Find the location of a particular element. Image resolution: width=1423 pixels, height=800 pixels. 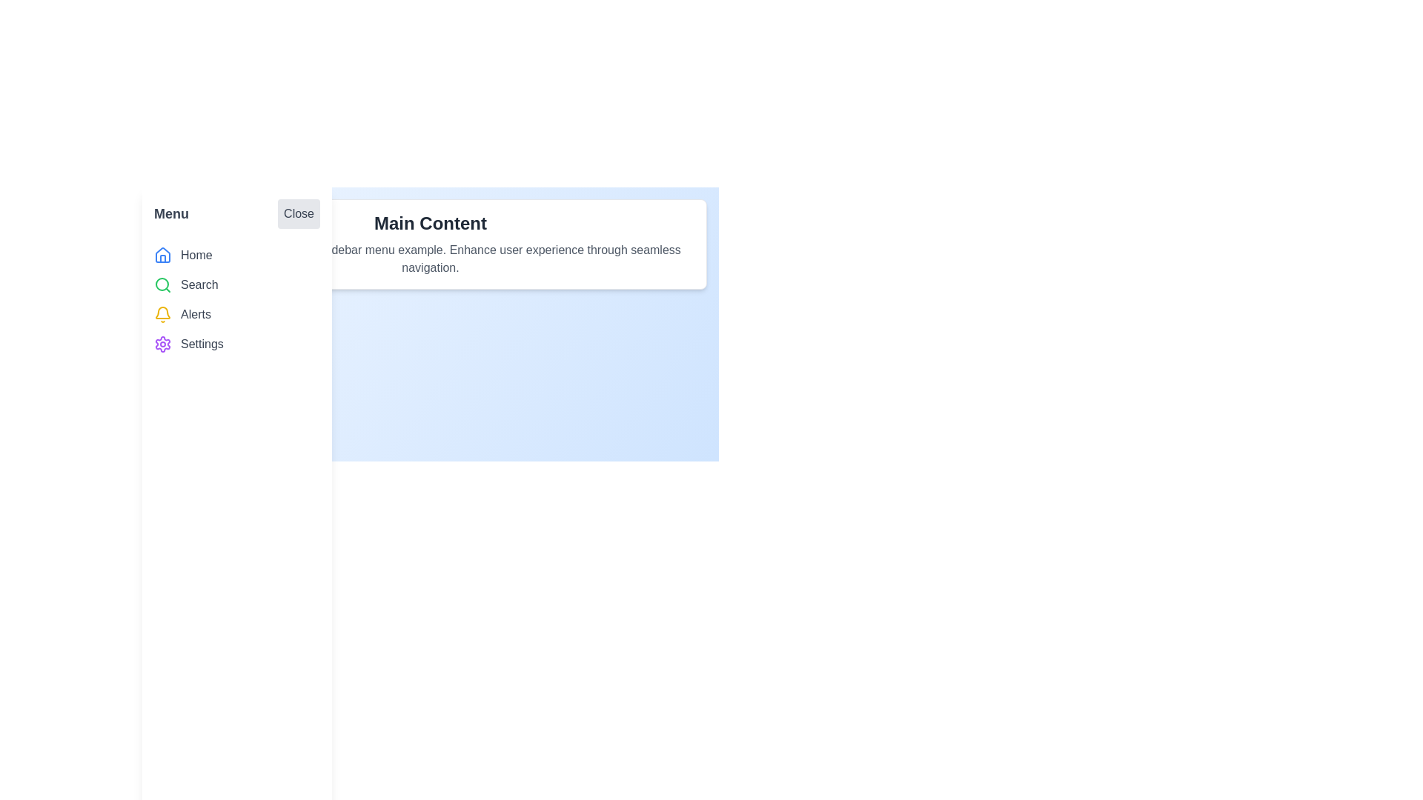

the close button located at the right end of the menu section is located at coordinates (298, 214).